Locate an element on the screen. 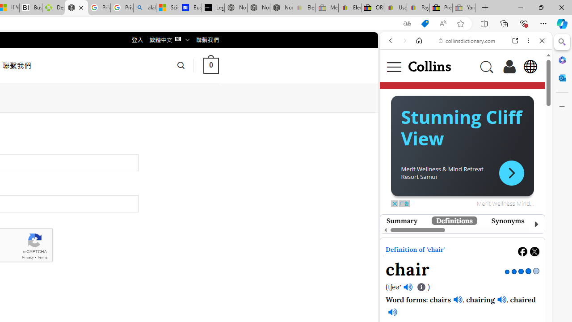 The image size is (572, 322). 'Yard, Garden & Outdoor Living - Sleeping' is located at coordinates (464, 8).